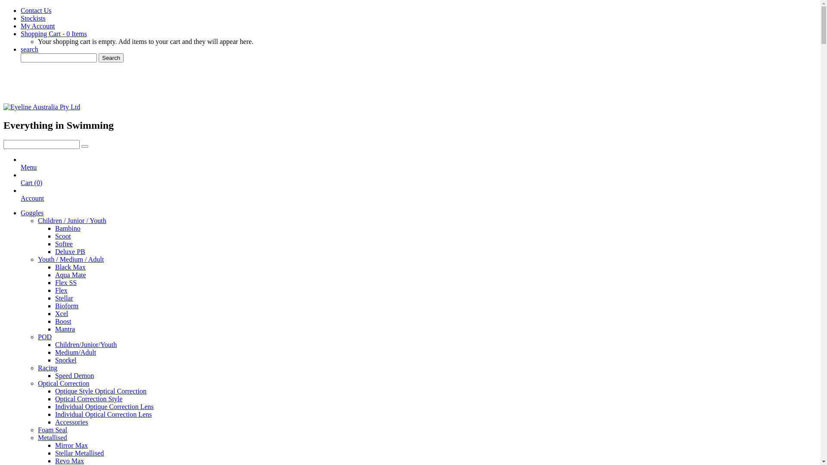  Describe the element at coordinates (62, 321) in the screenshot. I see `'Boost'` at that location.